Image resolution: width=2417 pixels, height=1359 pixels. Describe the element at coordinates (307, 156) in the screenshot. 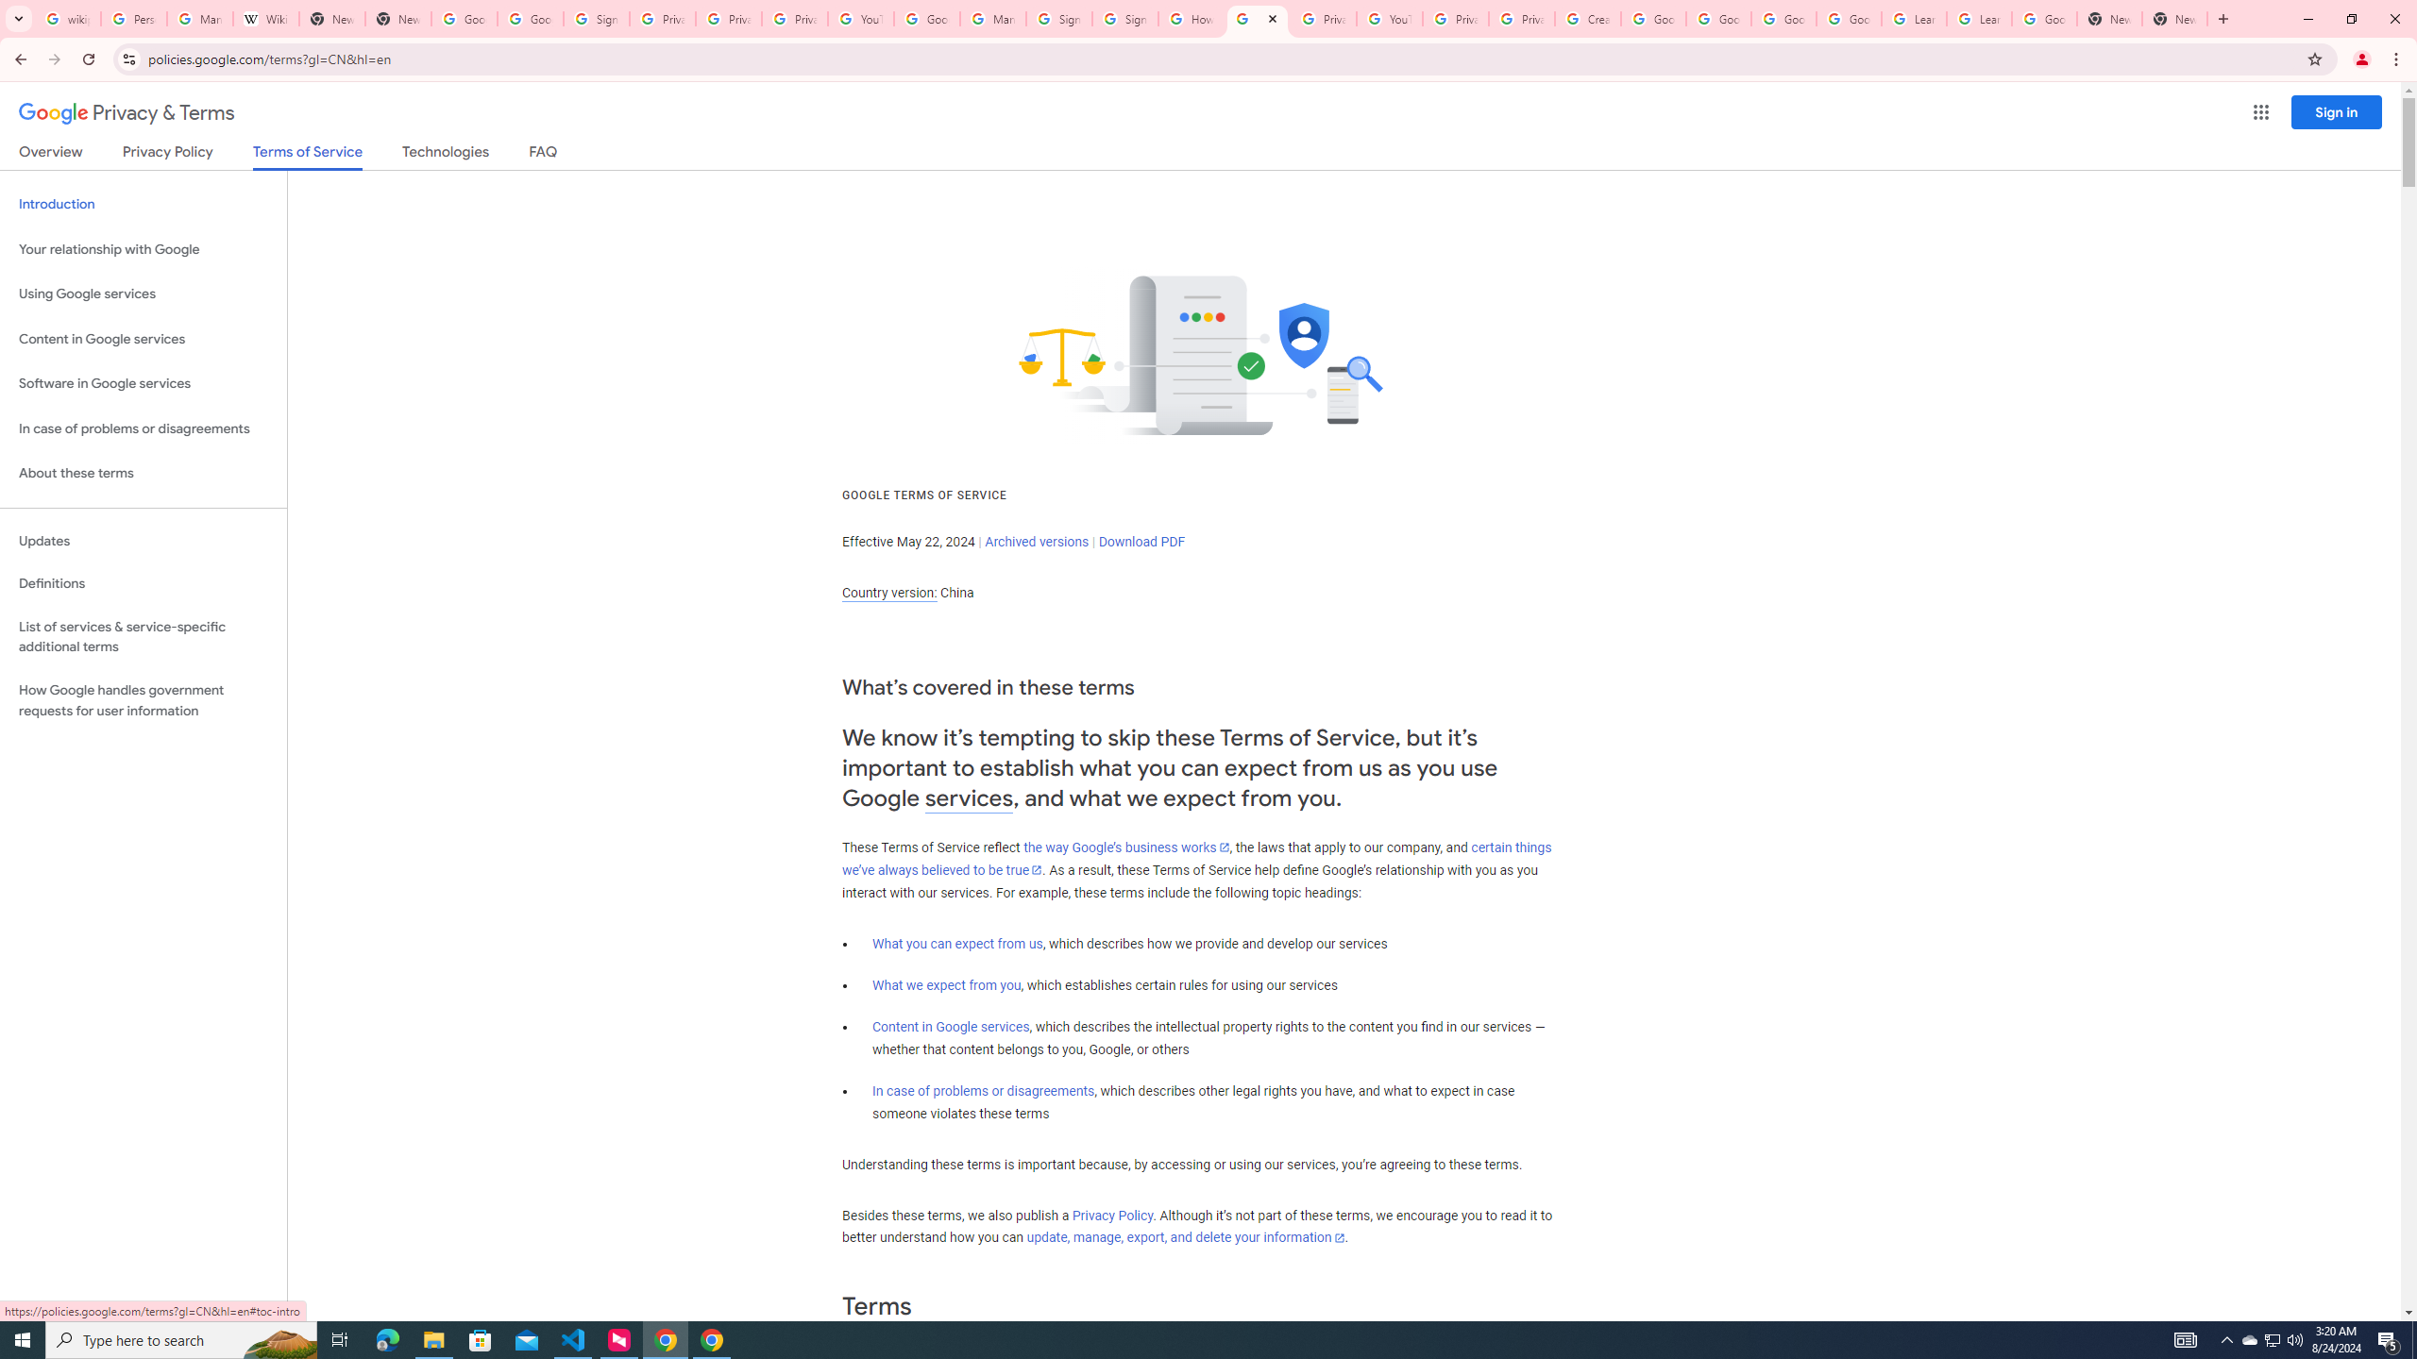

I see `'Terms of Service'` at that location.